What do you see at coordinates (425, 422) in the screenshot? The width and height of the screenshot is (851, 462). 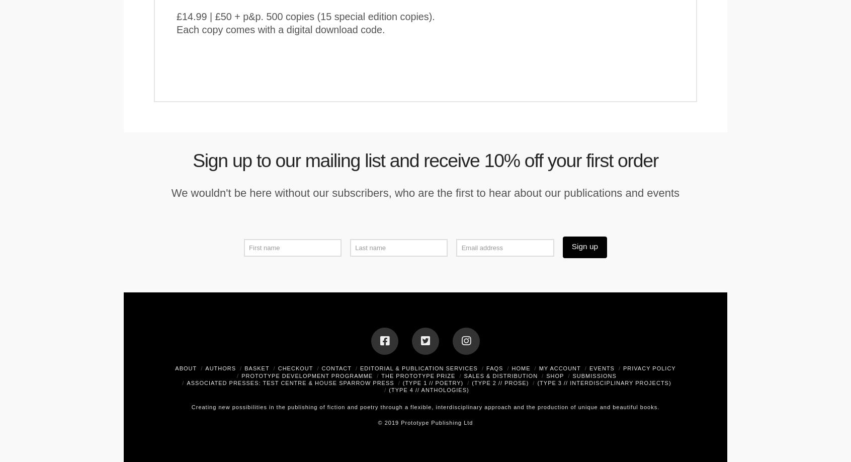 I see `'© 2019 Prototype Publishing Ltd'` at bounding box center [425, 422].